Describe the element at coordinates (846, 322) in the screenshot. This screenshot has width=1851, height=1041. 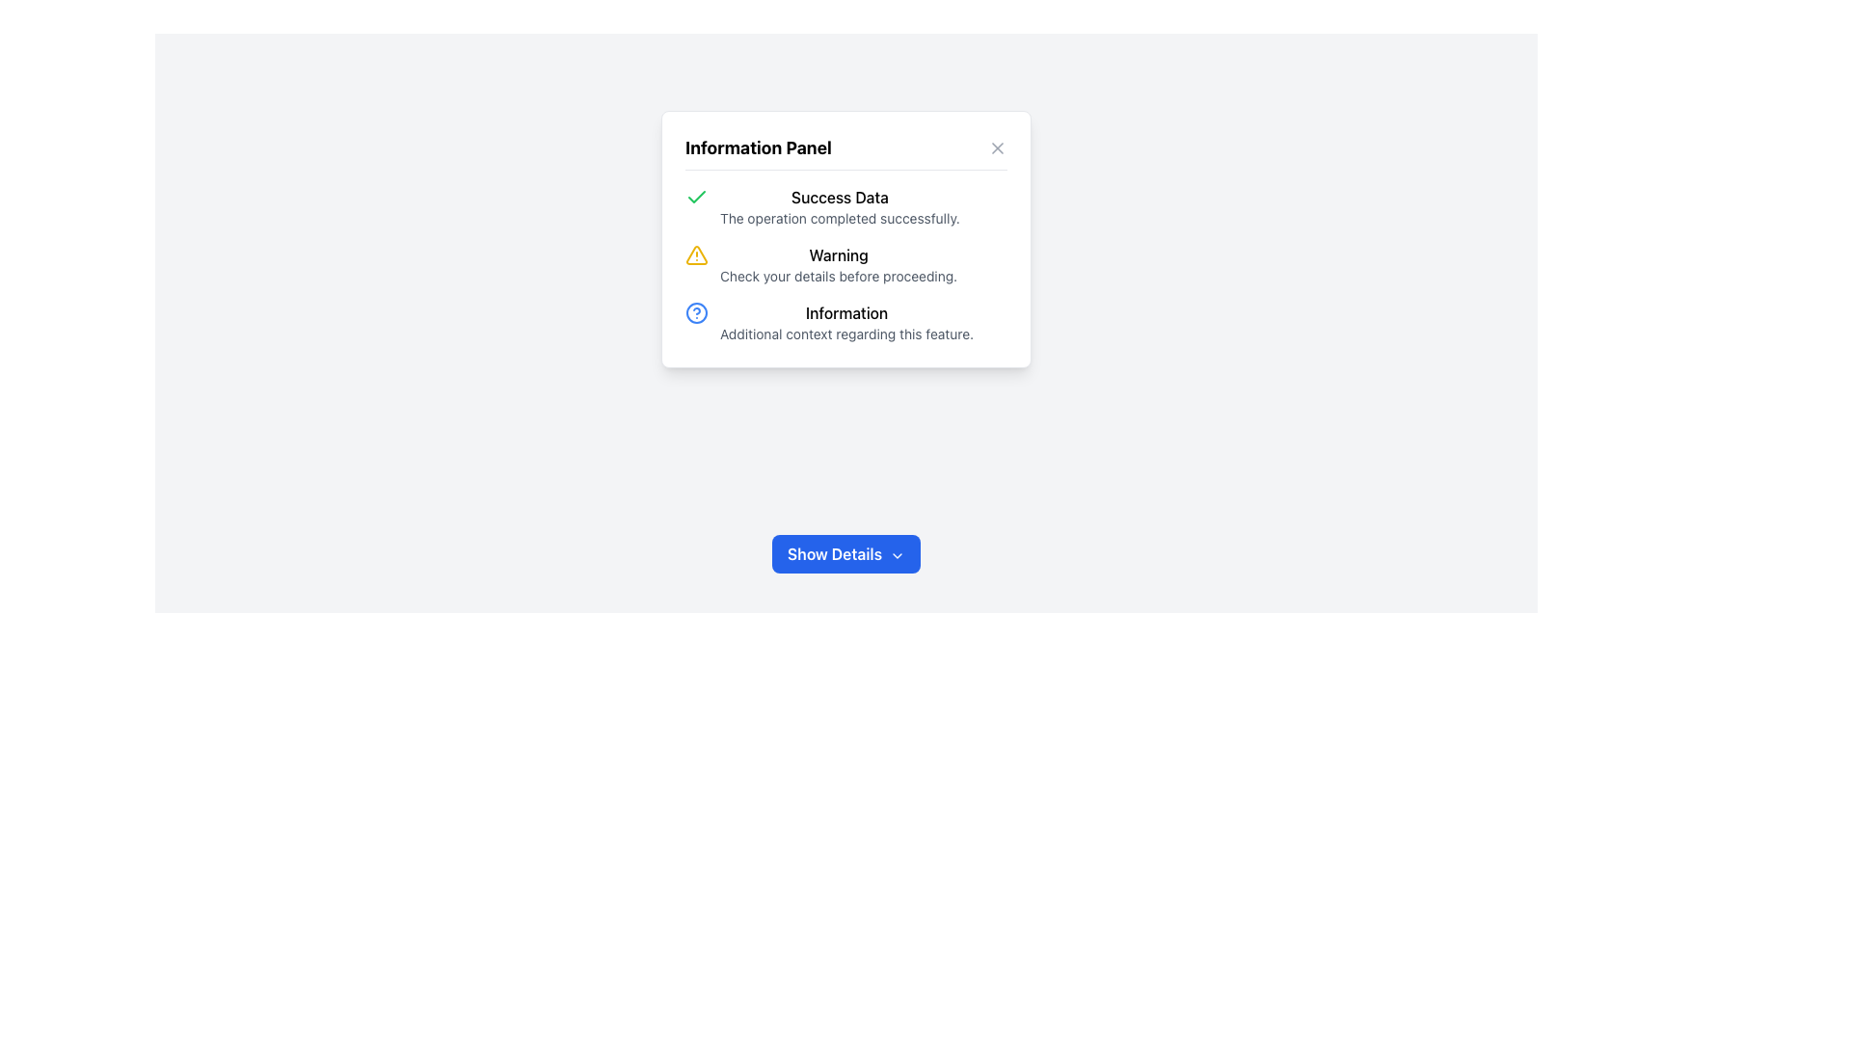
I see `text block located below the 'Warning' section in the 'Information Panel' pop-up, which contains a bold header and smaller description text` at that location.